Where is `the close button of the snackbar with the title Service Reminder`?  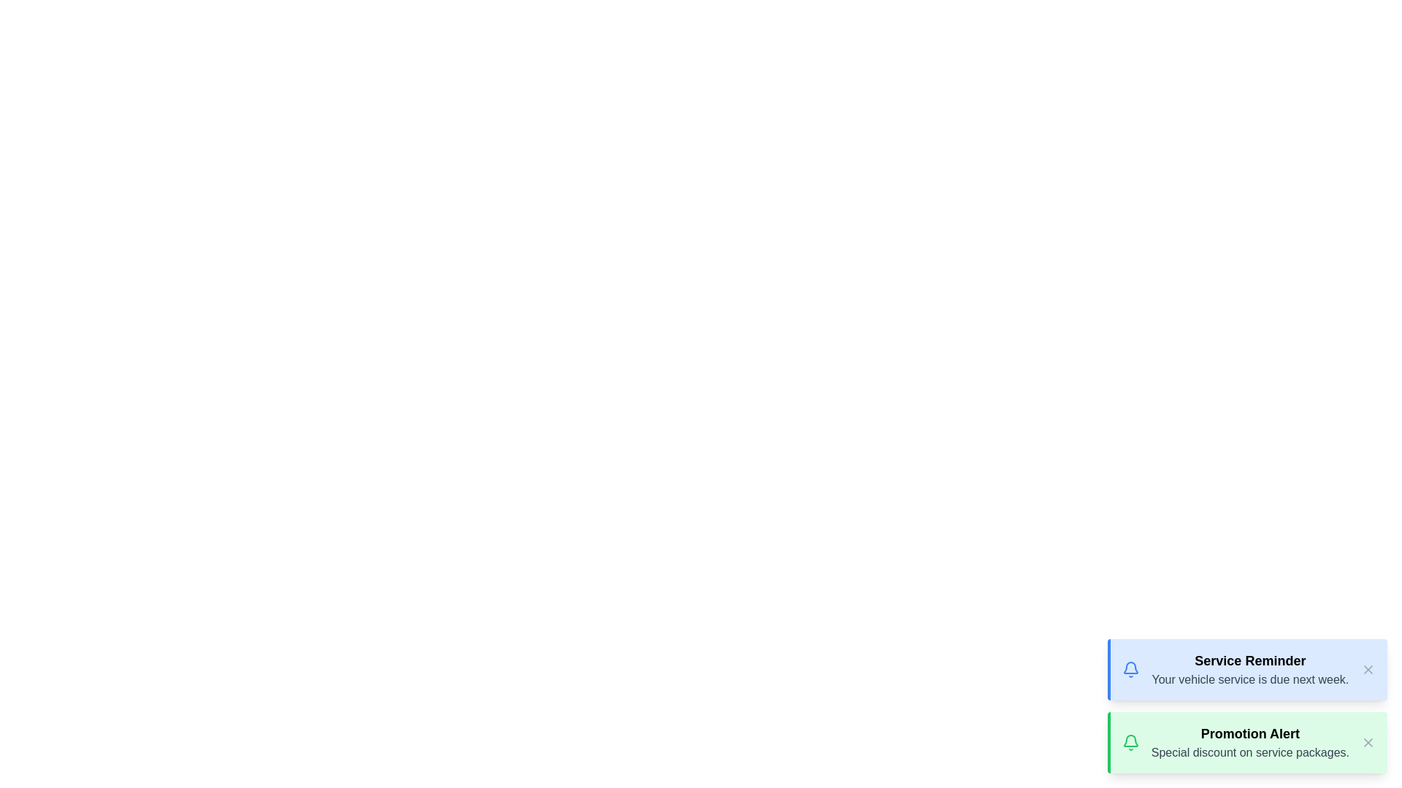
the close button of the snackbar with the title Service Reminder is located at coordinates (1367, 670).